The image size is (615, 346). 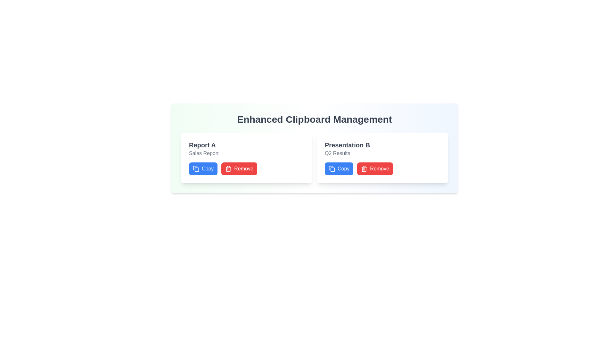 I want to click on the 'Copy' icon located within the 'Copy' button under the 'Report A' section, which is the leftmost icon beside the 'Copy' text label, so click(x=195, y=168).